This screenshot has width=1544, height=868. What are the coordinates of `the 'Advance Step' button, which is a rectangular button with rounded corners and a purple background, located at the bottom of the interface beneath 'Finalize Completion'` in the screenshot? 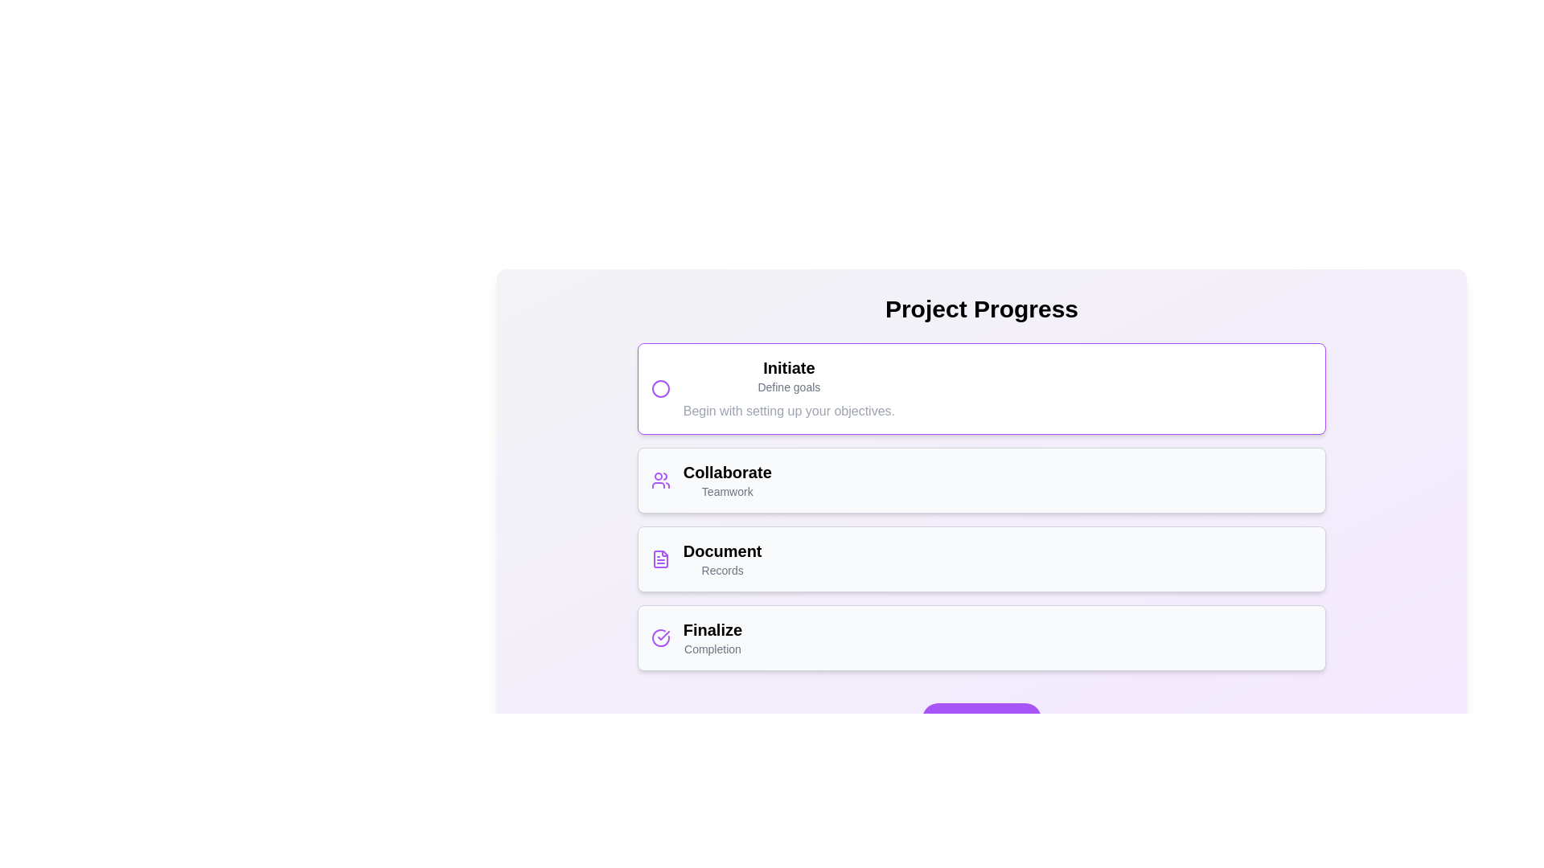 It's located at (980, 718).